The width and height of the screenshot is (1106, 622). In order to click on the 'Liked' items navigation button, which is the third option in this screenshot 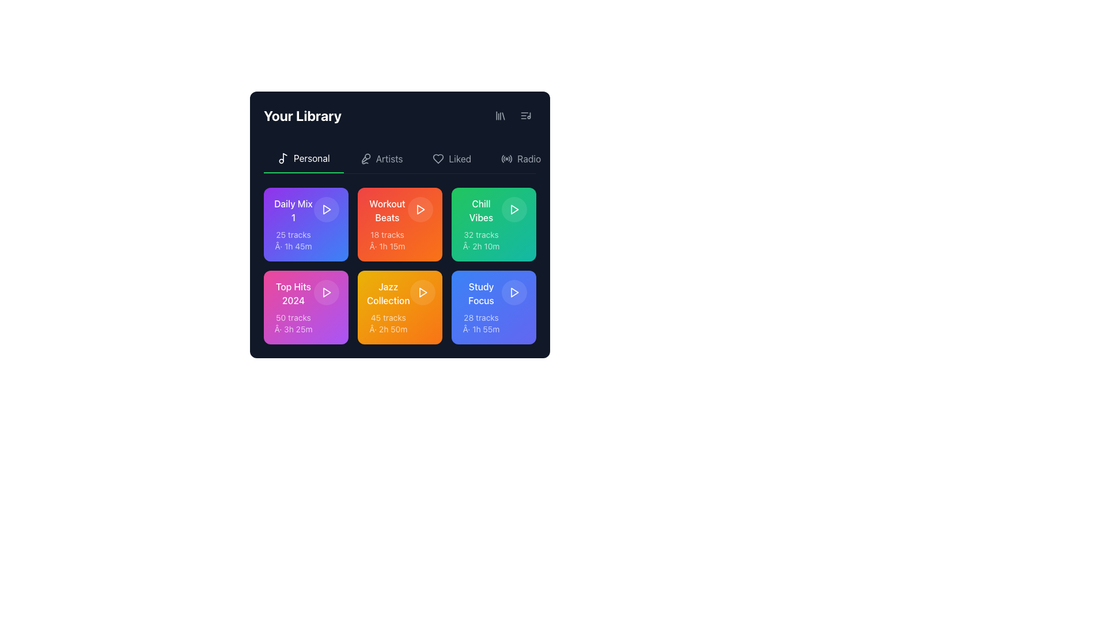, I will do `click(451, 159)`.